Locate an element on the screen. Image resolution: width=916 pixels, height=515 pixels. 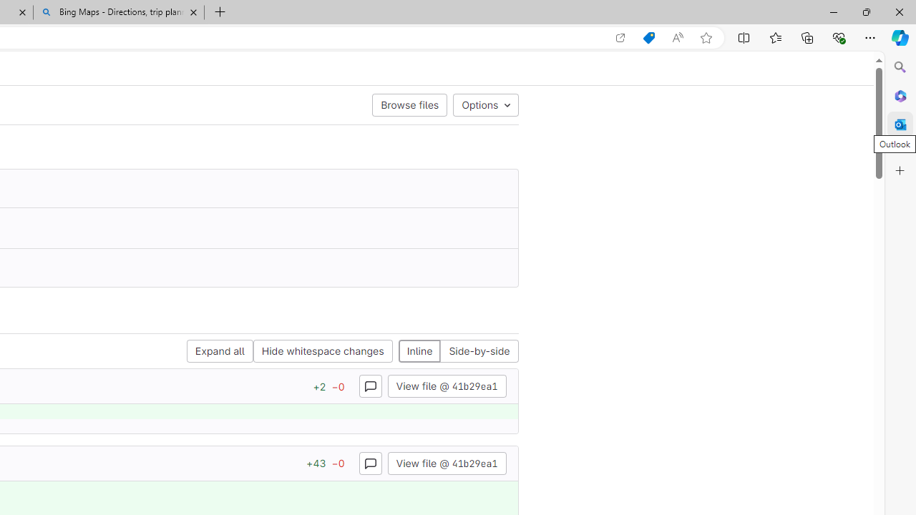
'Expand all' is located at coordinates (219, 351).